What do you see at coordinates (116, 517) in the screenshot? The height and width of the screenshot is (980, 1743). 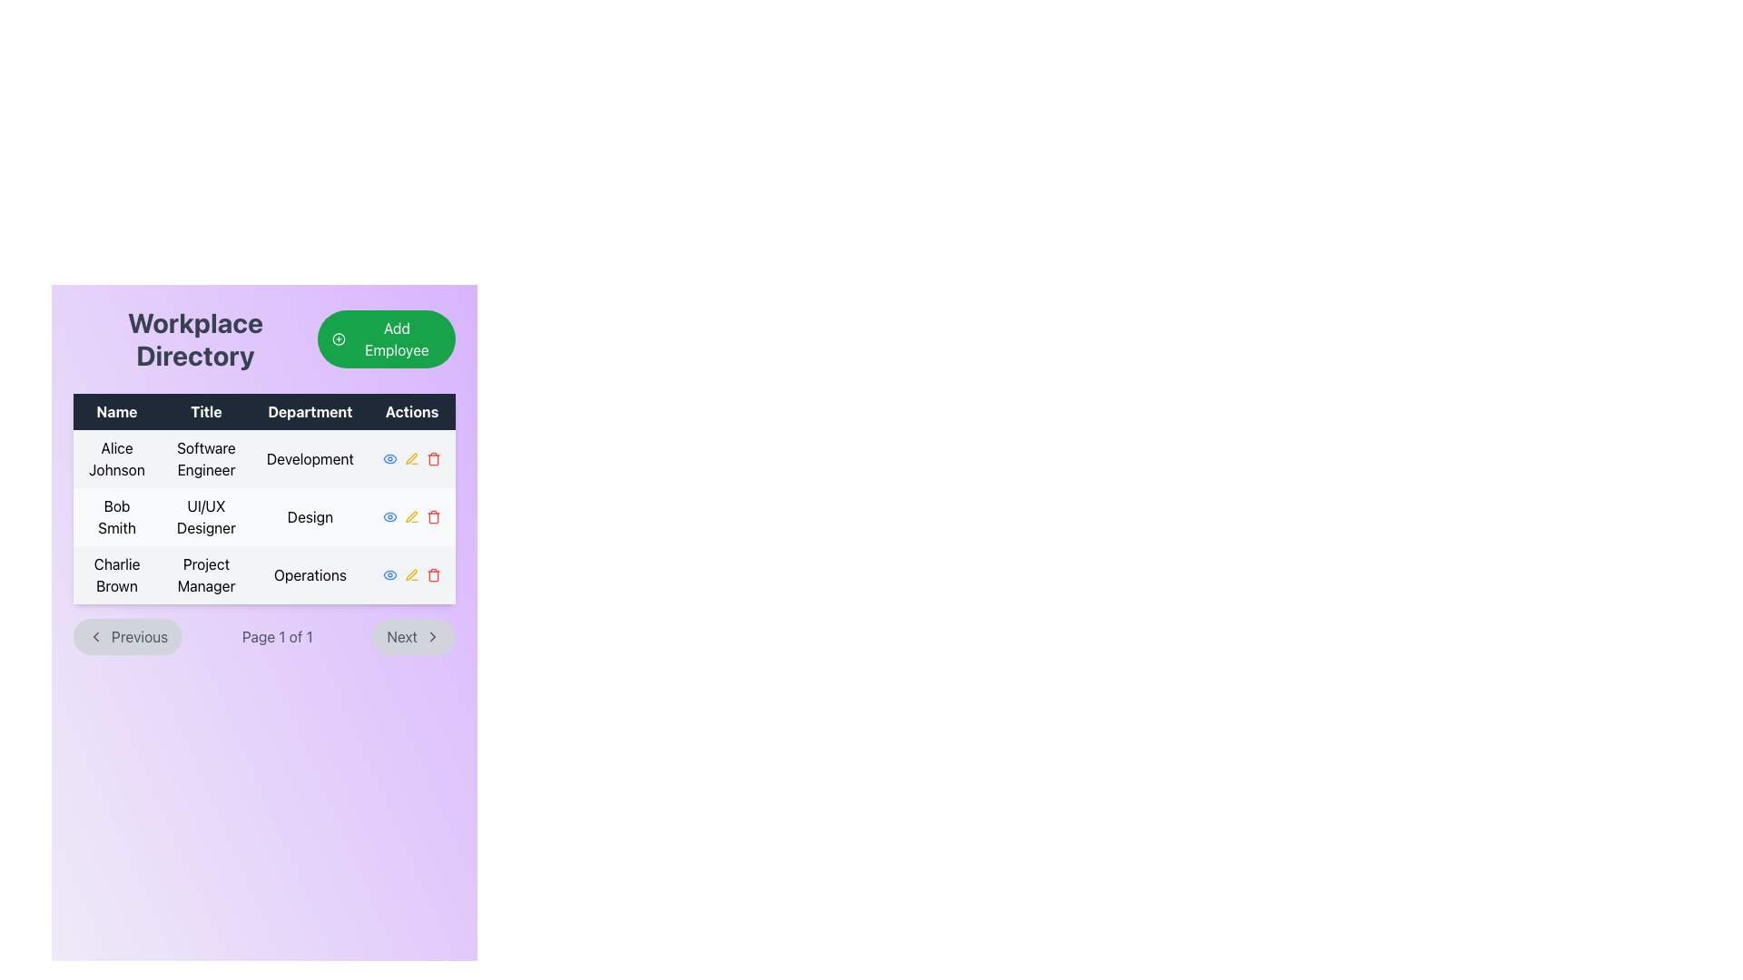 I see `text displayed in the employee name label located in the second row and first column of the data table under the 'Name' header` at bounding box center [116, 517].